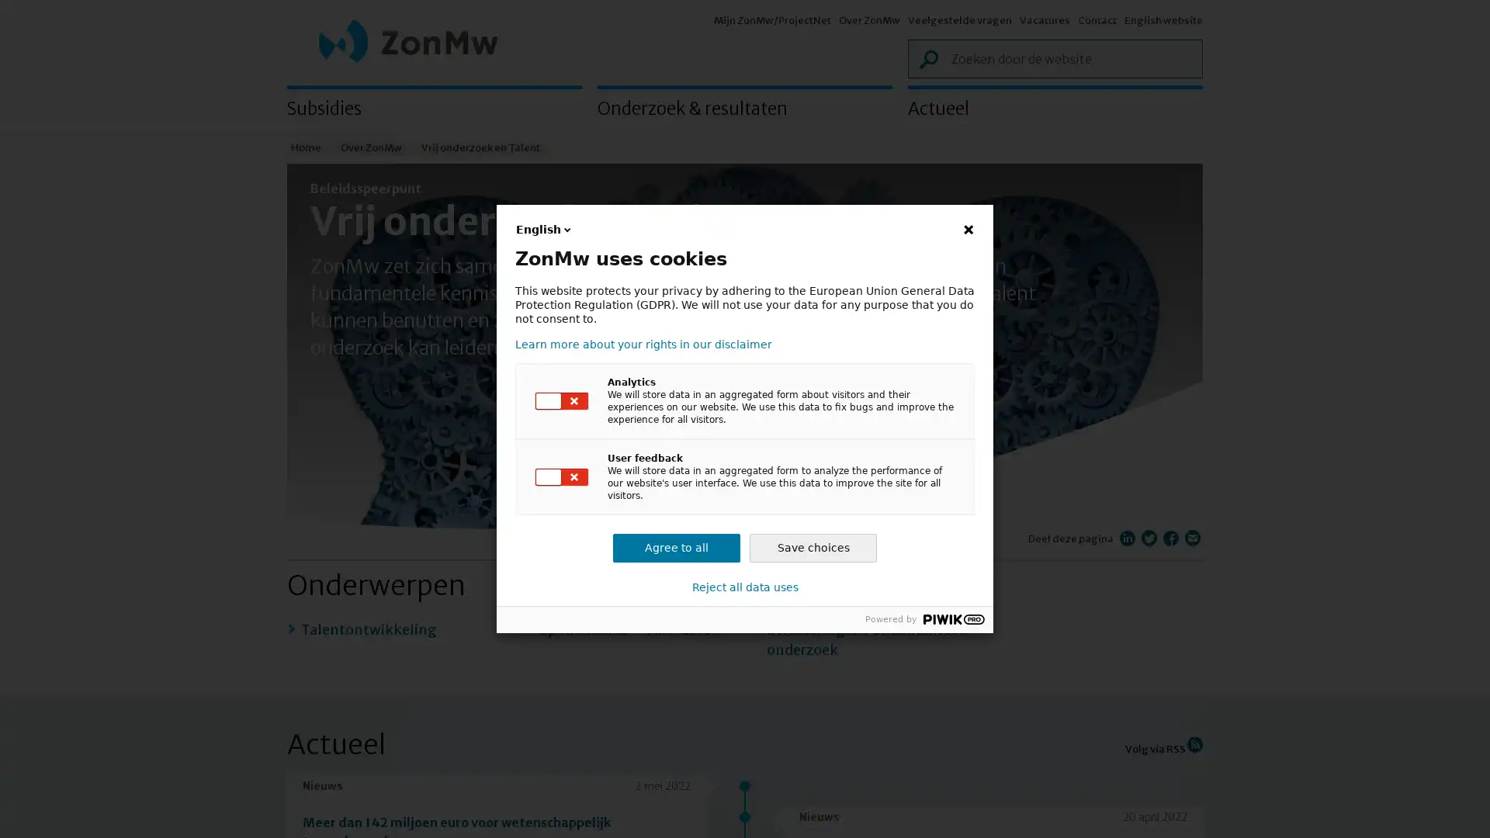 The height and width of the screenshot is (838, 1490). What do you see at coordinates (743, 587) in the screenshot?
I see `Reject all data uses` at bounding box center [743, 587].